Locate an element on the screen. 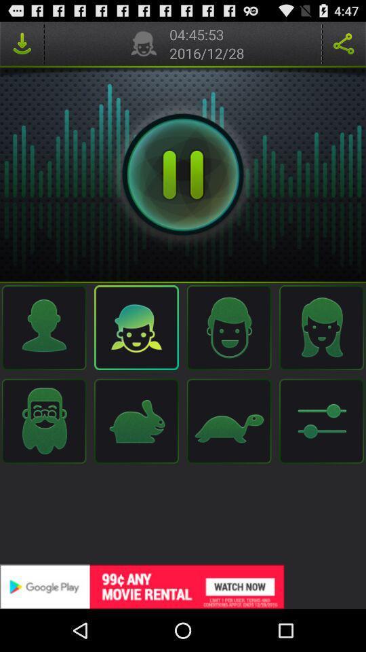  the share icon is located at coordinates (344, 46).